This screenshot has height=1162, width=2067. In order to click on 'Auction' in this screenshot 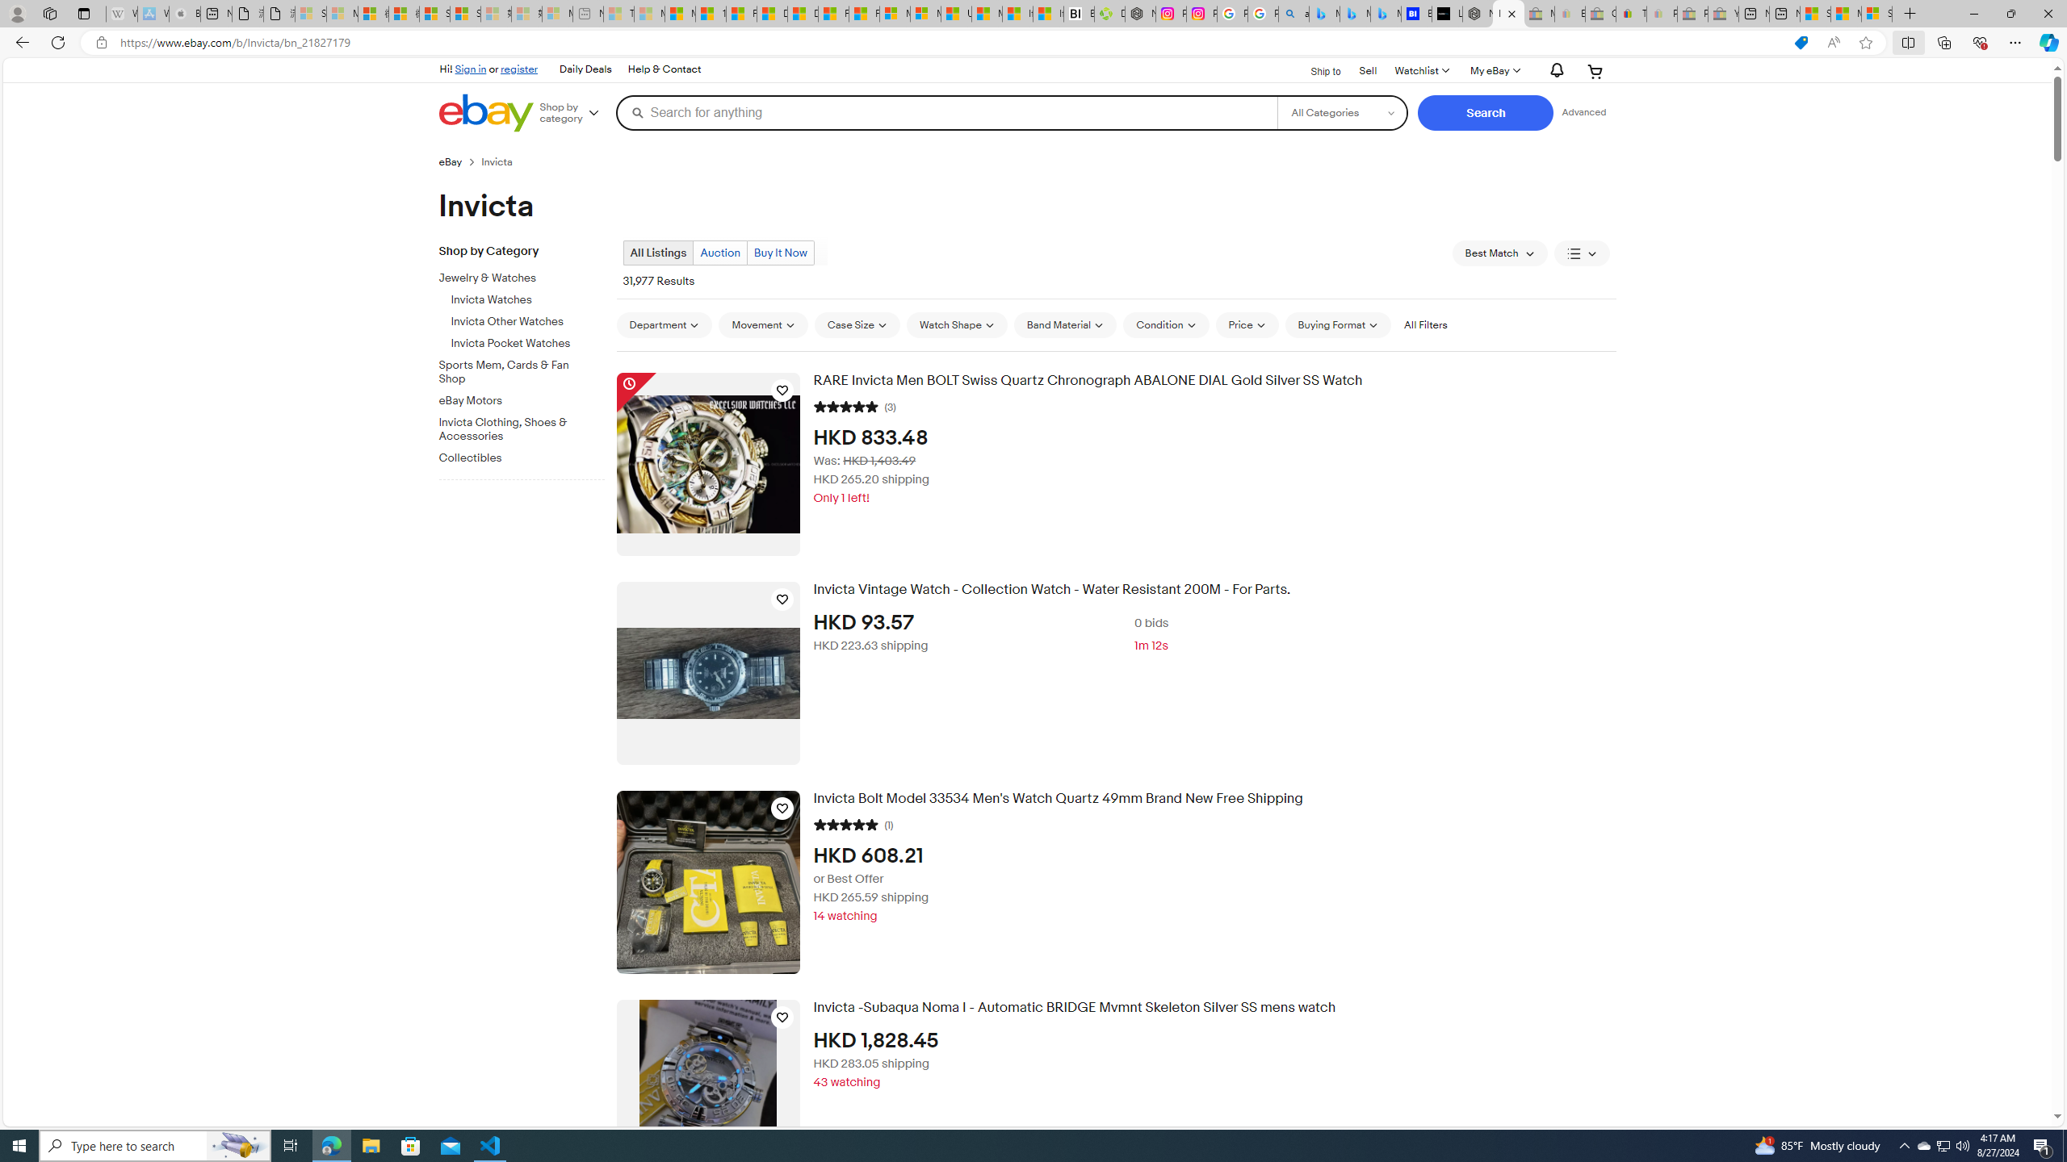, I will do `click(718, 253)`.